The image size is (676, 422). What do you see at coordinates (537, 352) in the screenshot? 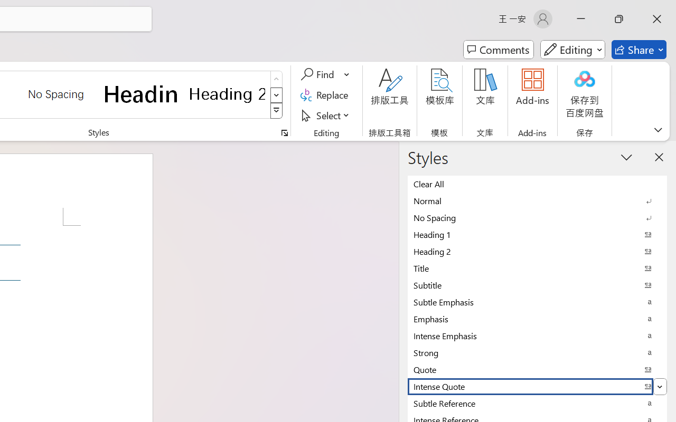
I see `'Strong'` at bounding box center [537, 352].